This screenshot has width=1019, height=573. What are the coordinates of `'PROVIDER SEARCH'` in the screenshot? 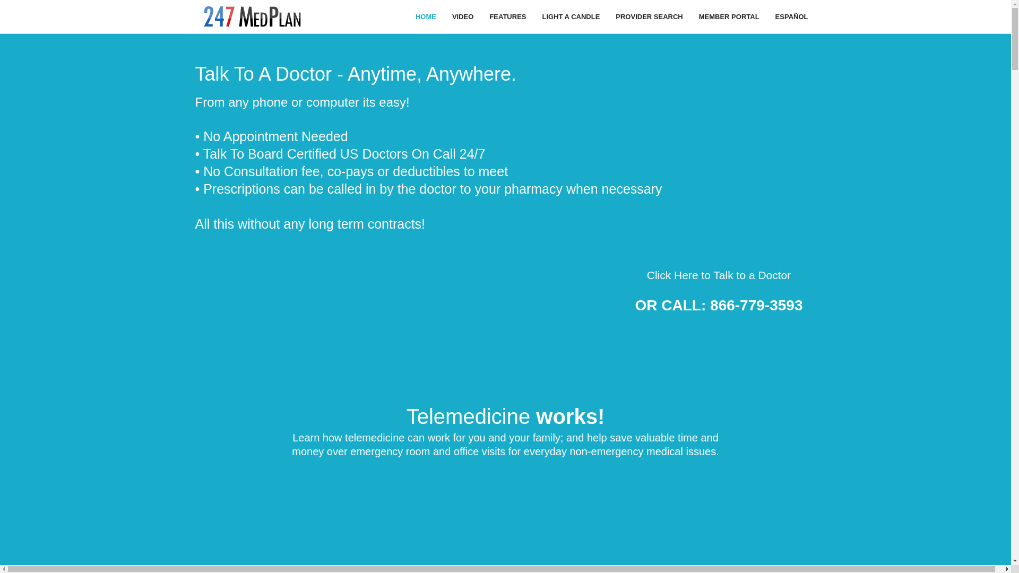 It's located at (649, 16).